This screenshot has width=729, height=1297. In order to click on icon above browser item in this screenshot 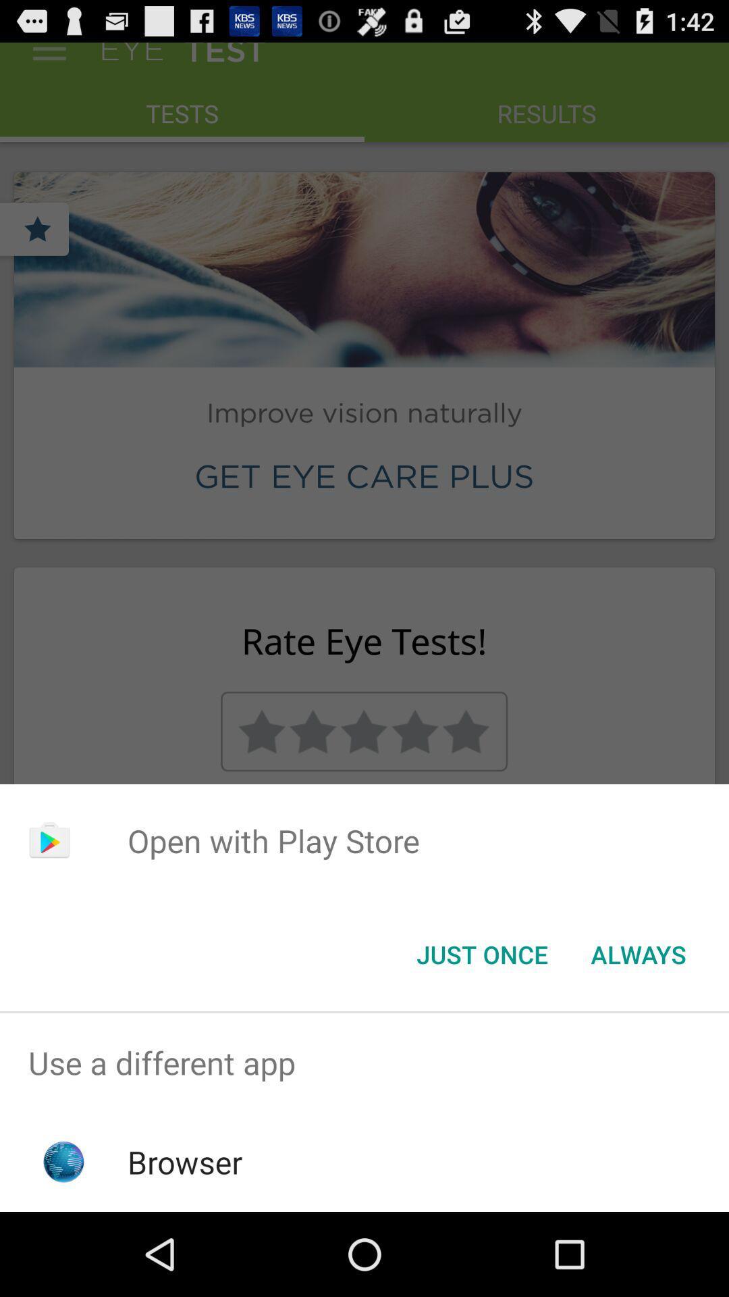, I will do `click(364, 1062)`.